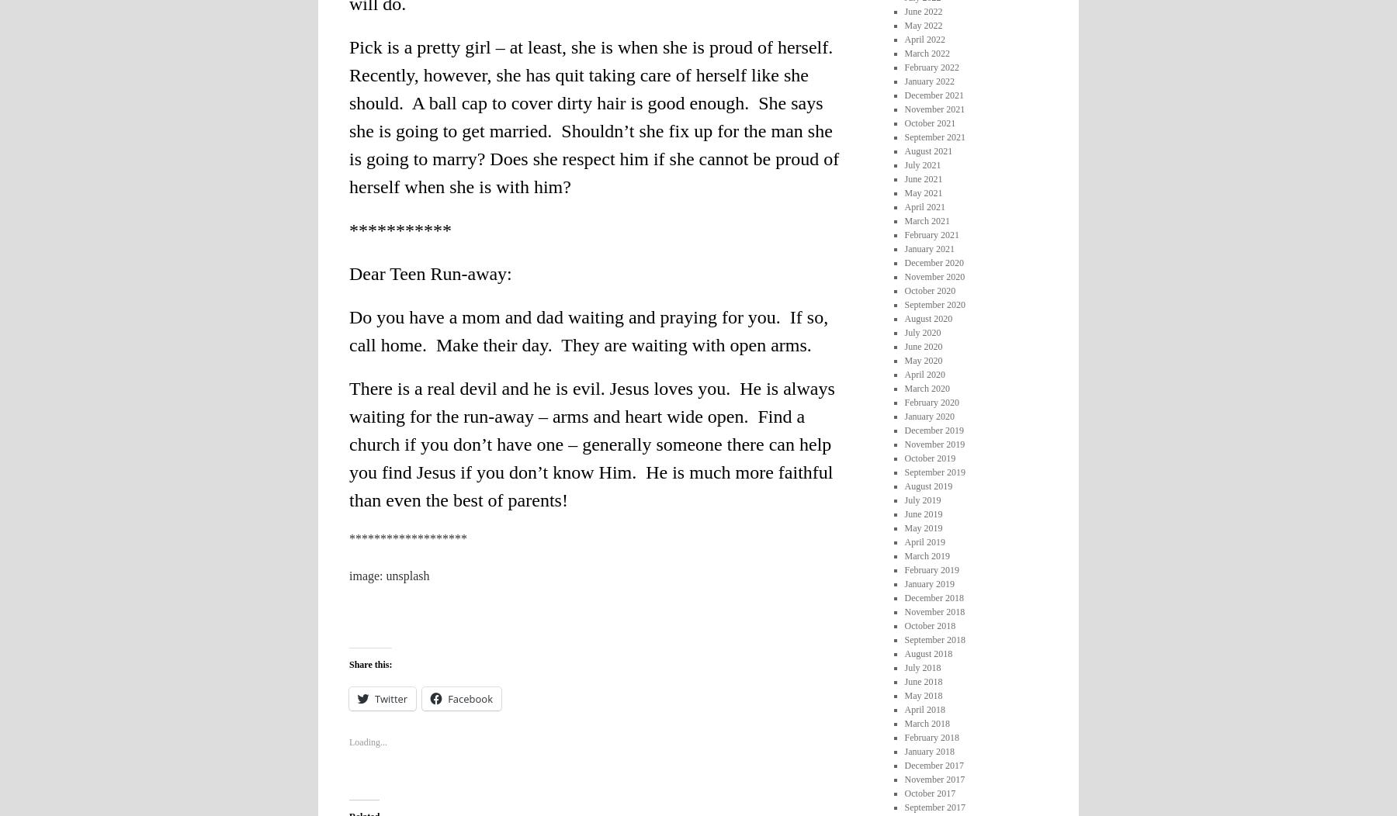  I want to click on 'March 2022', so click(925, 51).